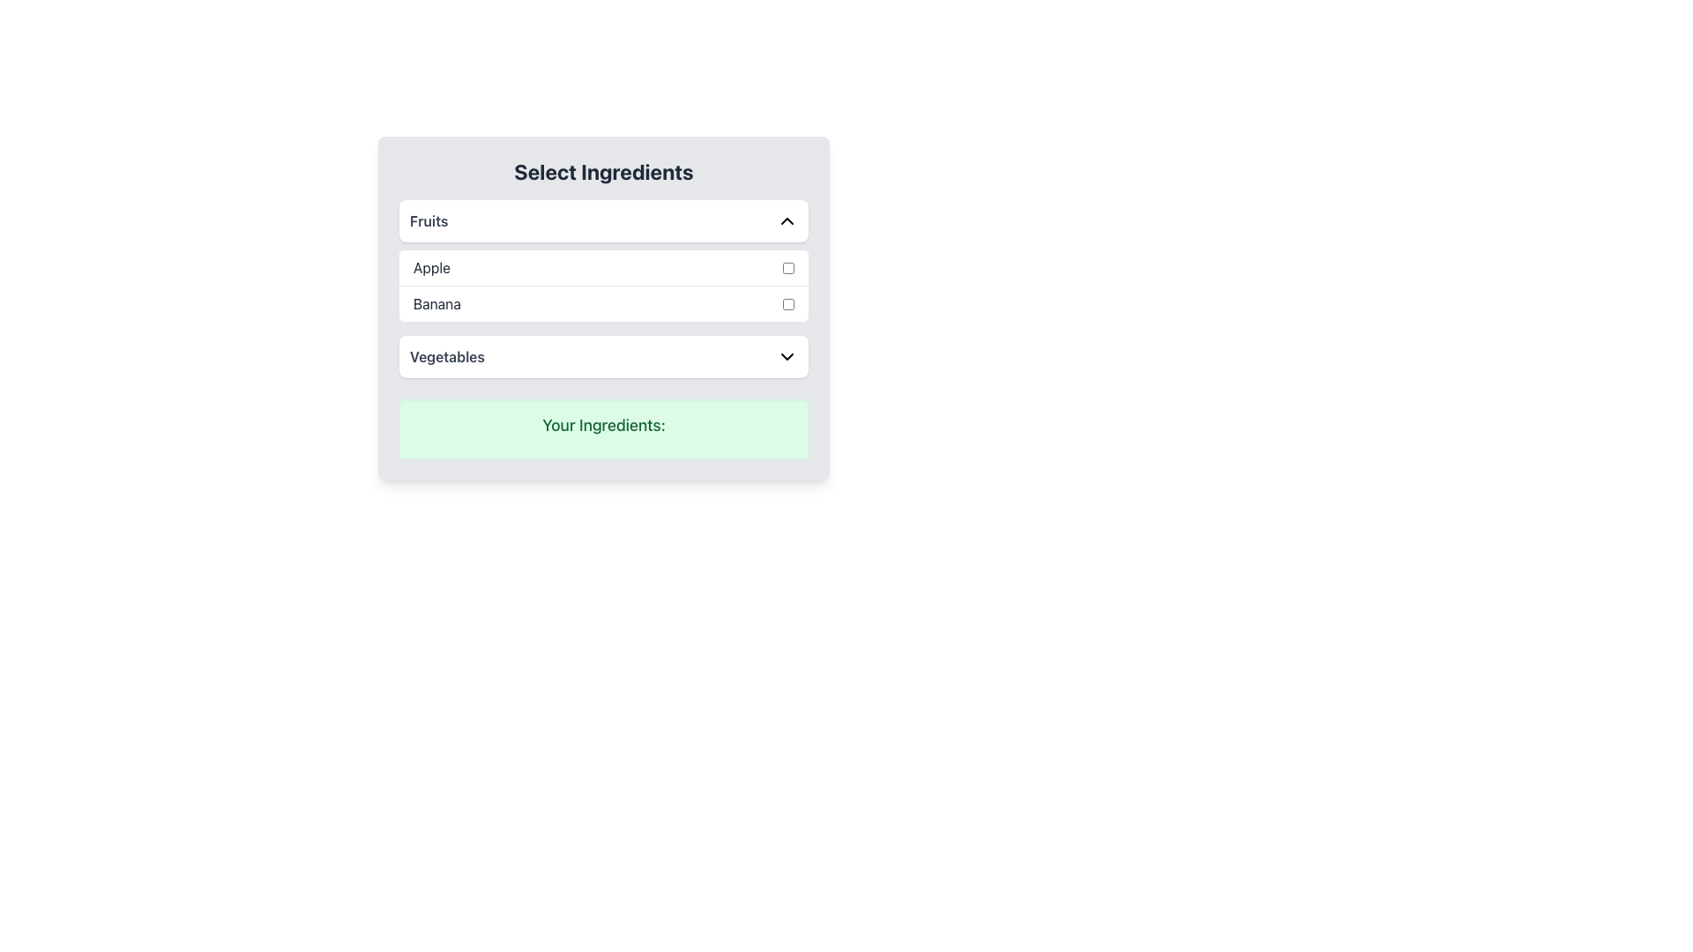 This screenshot has height=952, width=1693. What do you see at coordinates (431, 268) in the screenshot?
I see `the text label that contains the text 'Apple' which is styled with a gray color scheme and positioned to the left of a checkbox in the 'Fruits' section` at bounding box center [431, 268].